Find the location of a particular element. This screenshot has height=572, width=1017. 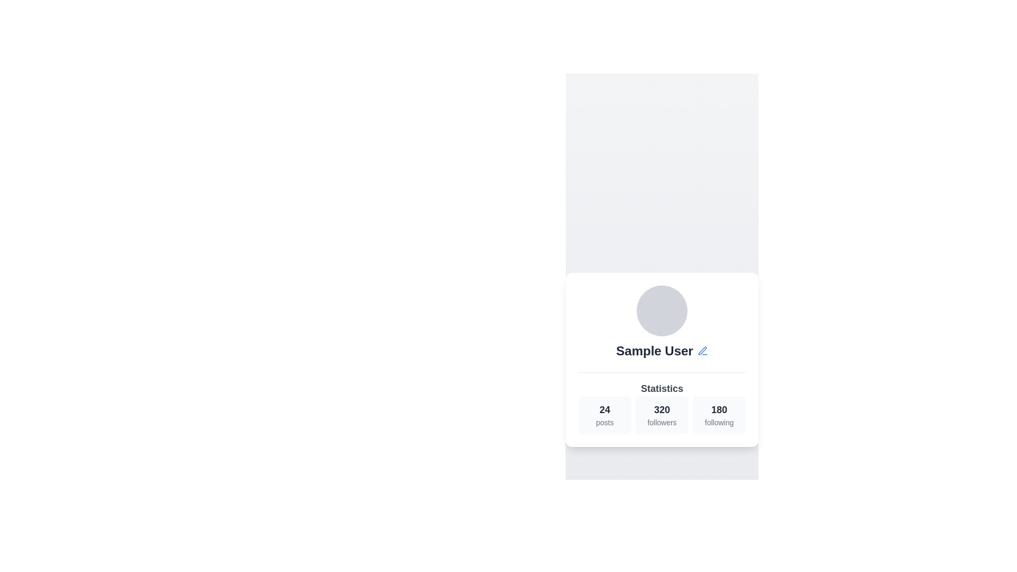

displayed username 'Sample User' from the text label located centrally below the profile image placeholder and above the 'Statistics' section is located at coordinates (661, 351).